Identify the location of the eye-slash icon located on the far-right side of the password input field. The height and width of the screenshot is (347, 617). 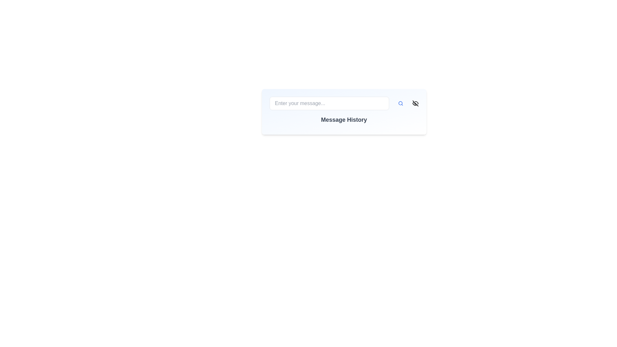
(415, 103).